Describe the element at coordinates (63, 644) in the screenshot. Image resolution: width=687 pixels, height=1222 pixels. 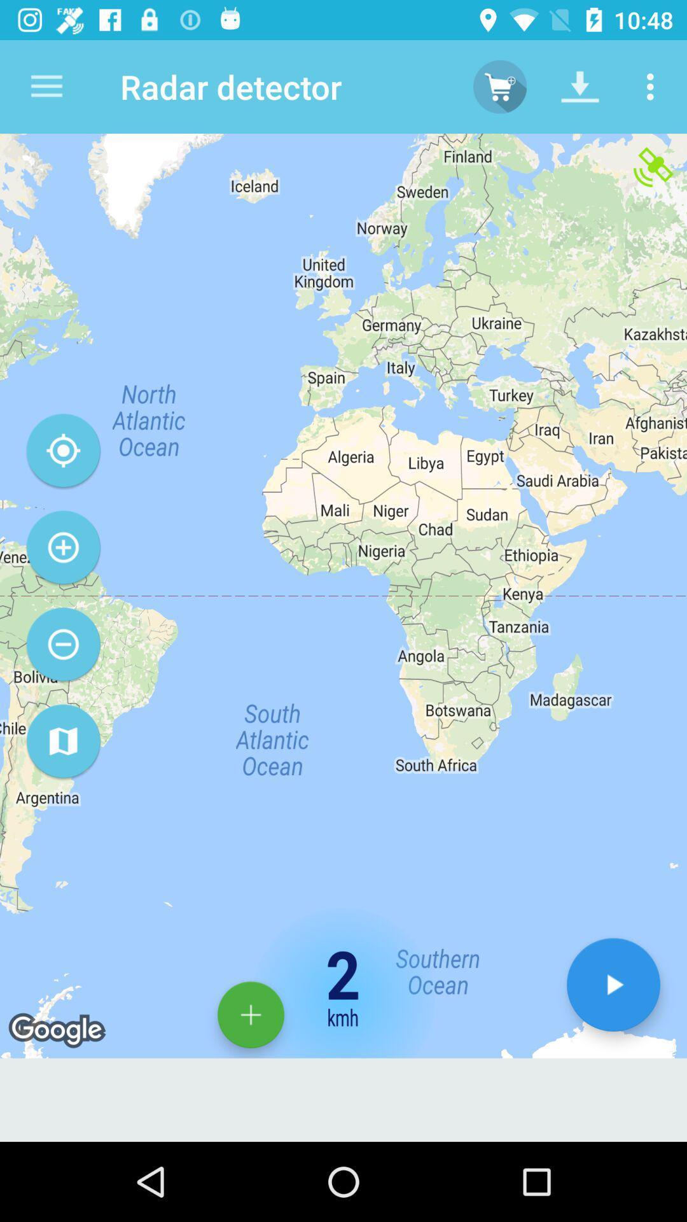
I see `the zoom_out icon` at that location.